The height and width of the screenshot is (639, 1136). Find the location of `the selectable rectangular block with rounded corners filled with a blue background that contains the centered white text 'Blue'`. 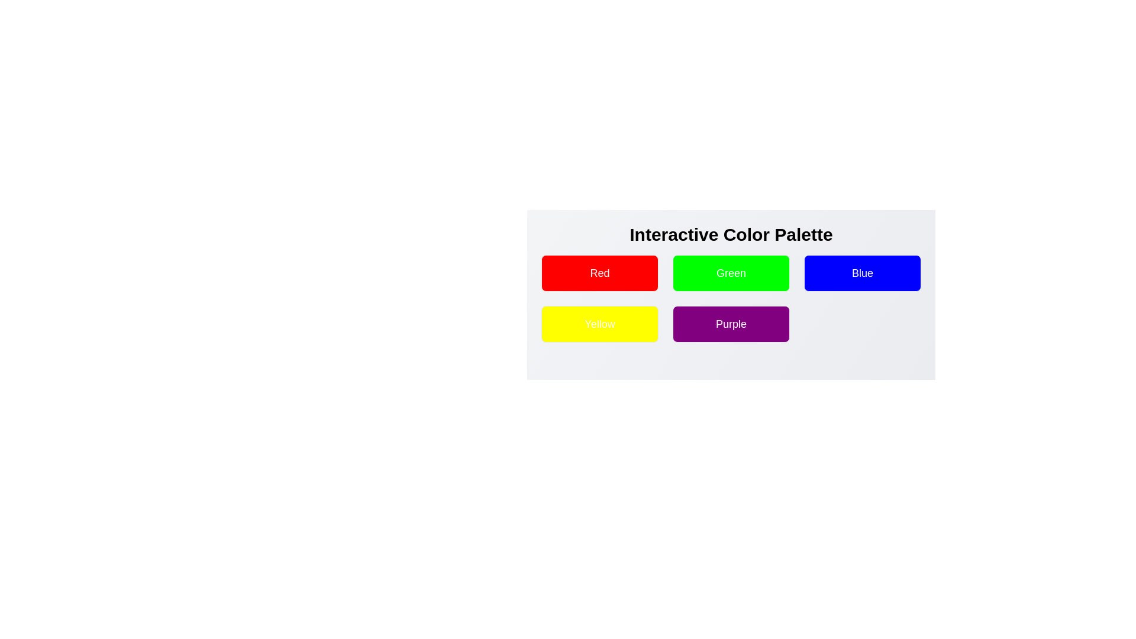

the selectable rectangular block with rounded corners filled with a blue background that contains the centered white text 'Blue' is located at coordinates (863, 273).